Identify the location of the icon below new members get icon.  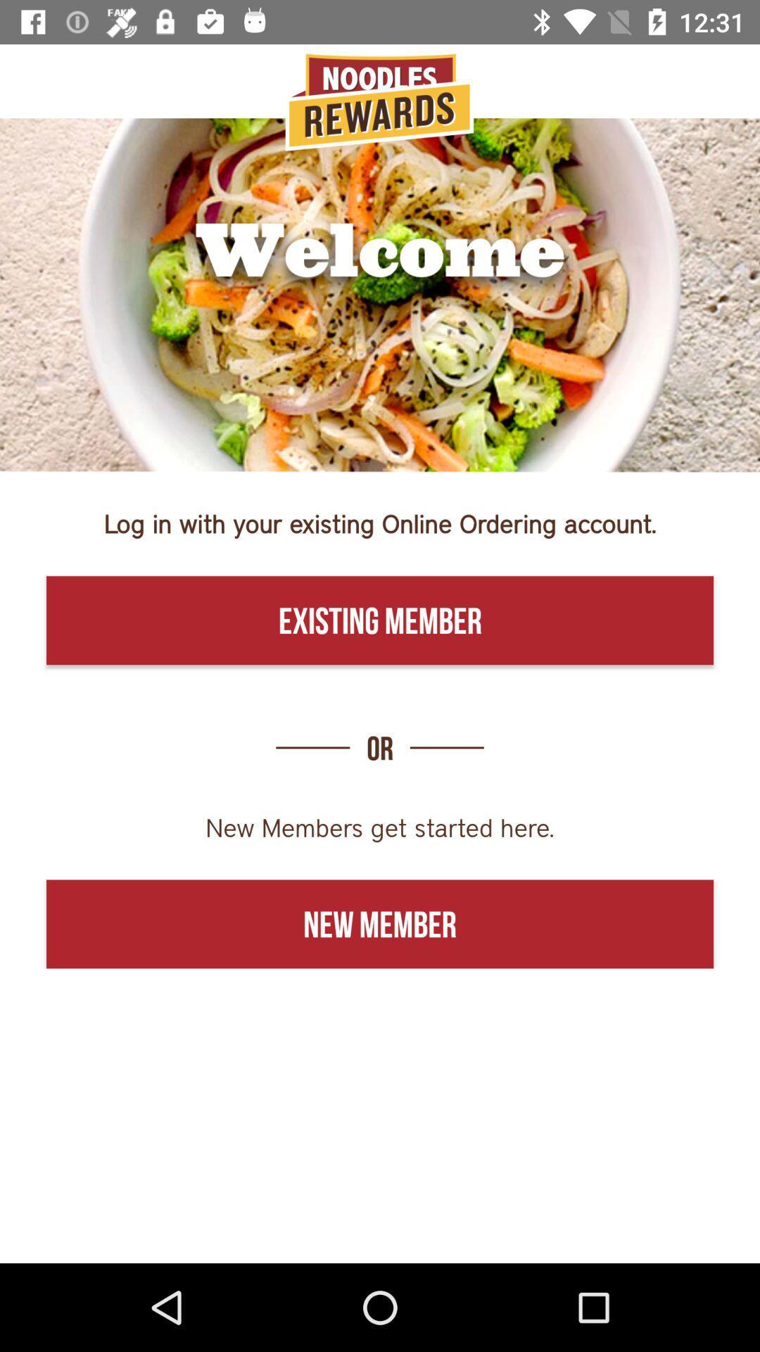
(380, 924).